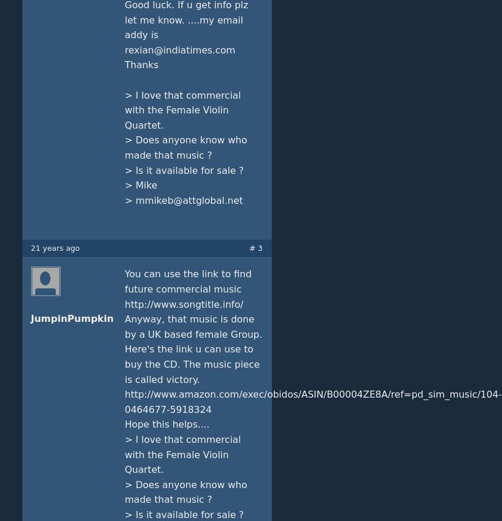 This screenshot has height=521, width=502. What do you see at coordinates (248, 248) in the screenshot?
I see `'# 3'` at bounding box center [248, 248].